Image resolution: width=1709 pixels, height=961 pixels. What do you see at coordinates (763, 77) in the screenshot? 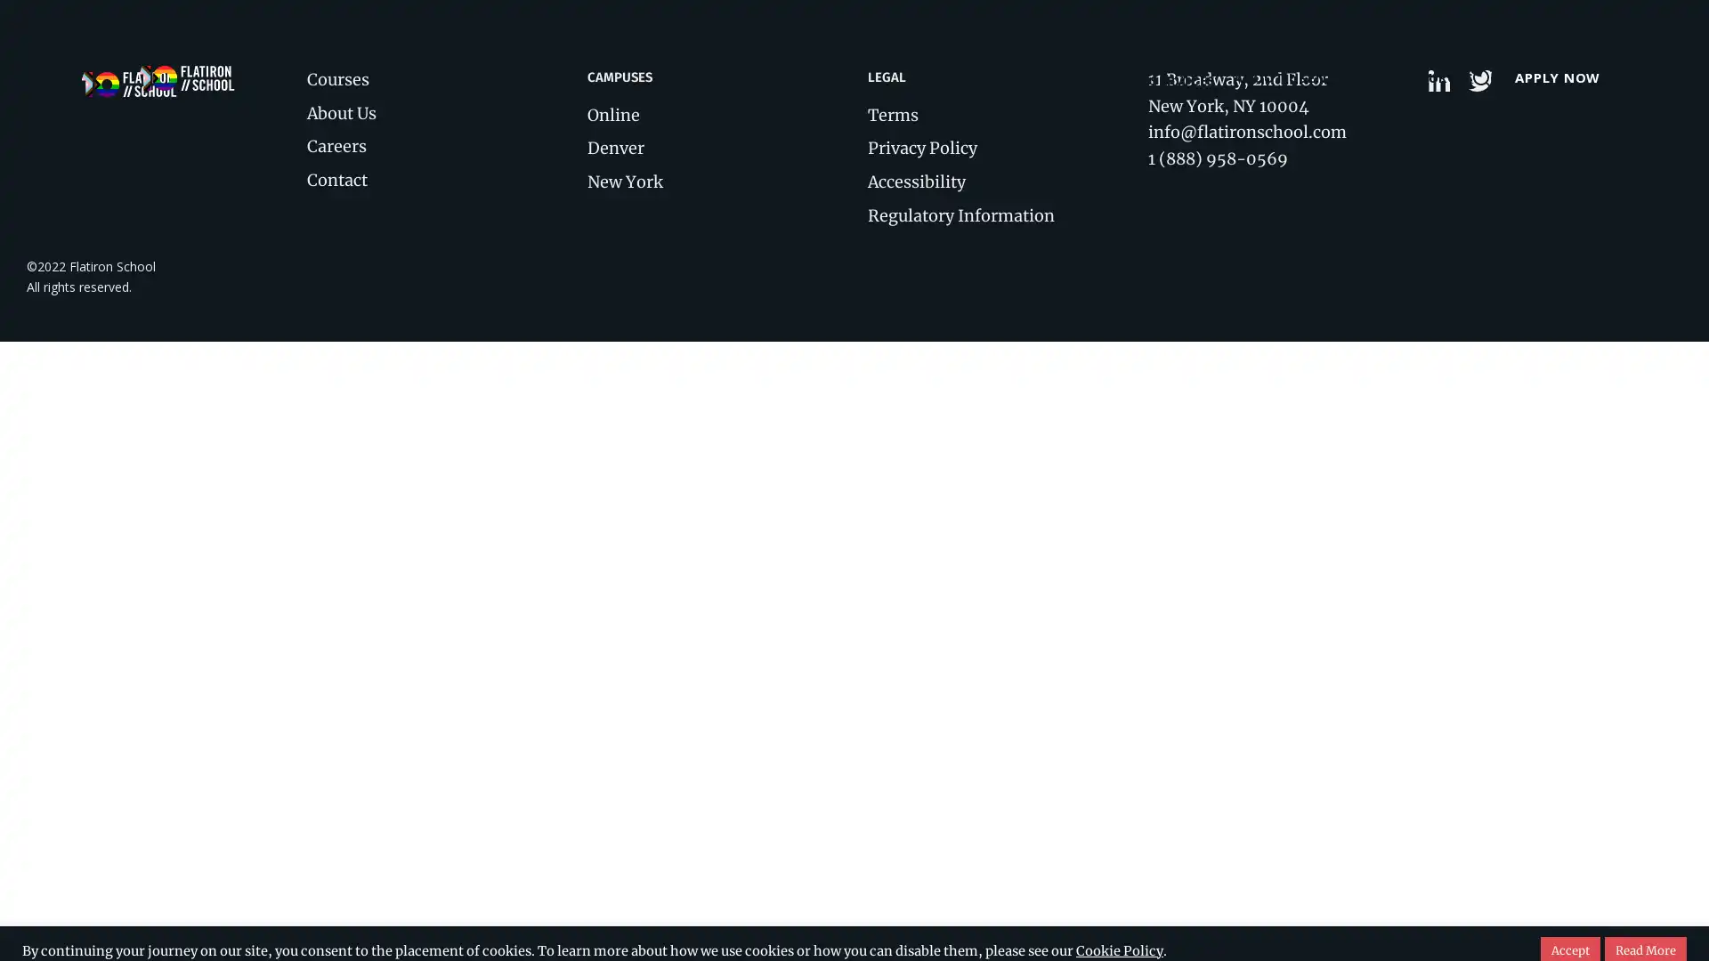
I see `COURSES` at bounding box center [763, 77].